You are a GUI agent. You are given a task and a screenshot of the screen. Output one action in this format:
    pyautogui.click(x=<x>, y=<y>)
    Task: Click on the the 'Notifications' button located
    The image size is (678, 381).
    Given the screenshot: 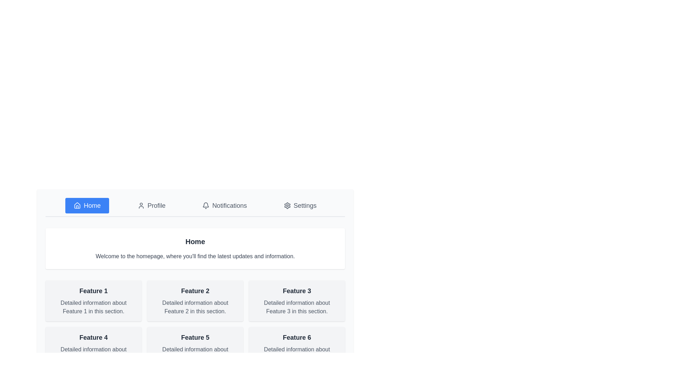 What is the action you would take?
    pyautogui.click(x=224, y=205)
    